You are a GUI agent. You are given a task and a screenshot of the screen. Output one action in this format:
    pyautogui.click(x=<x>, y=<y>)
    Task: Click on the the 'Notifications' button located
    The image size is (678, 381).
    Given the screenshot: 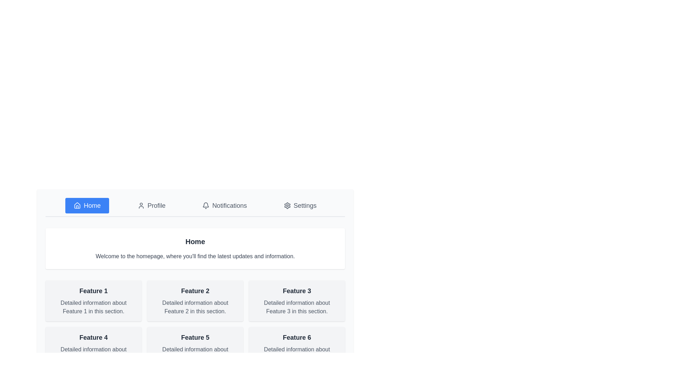 What is the action you would take?
    pyautogui.click(x=224, y=205)
    